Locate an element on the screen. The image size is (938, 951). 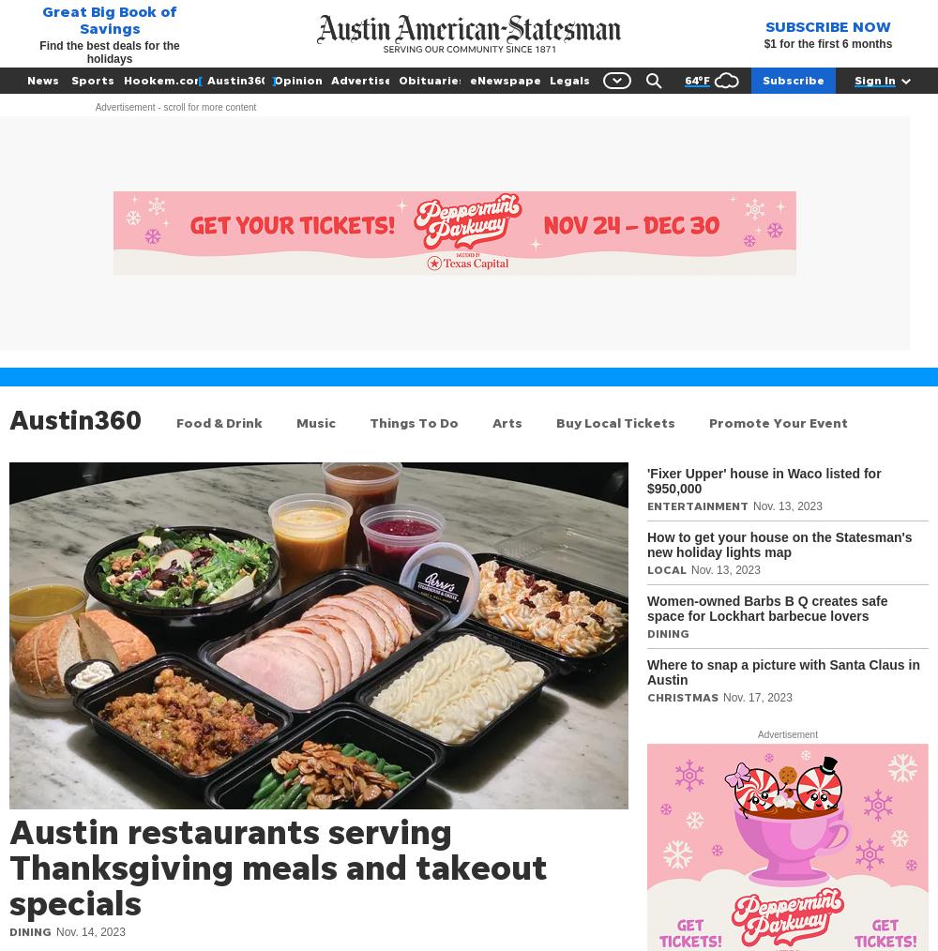
'Buy Local Tickets' is located at coordinates (615, 422).